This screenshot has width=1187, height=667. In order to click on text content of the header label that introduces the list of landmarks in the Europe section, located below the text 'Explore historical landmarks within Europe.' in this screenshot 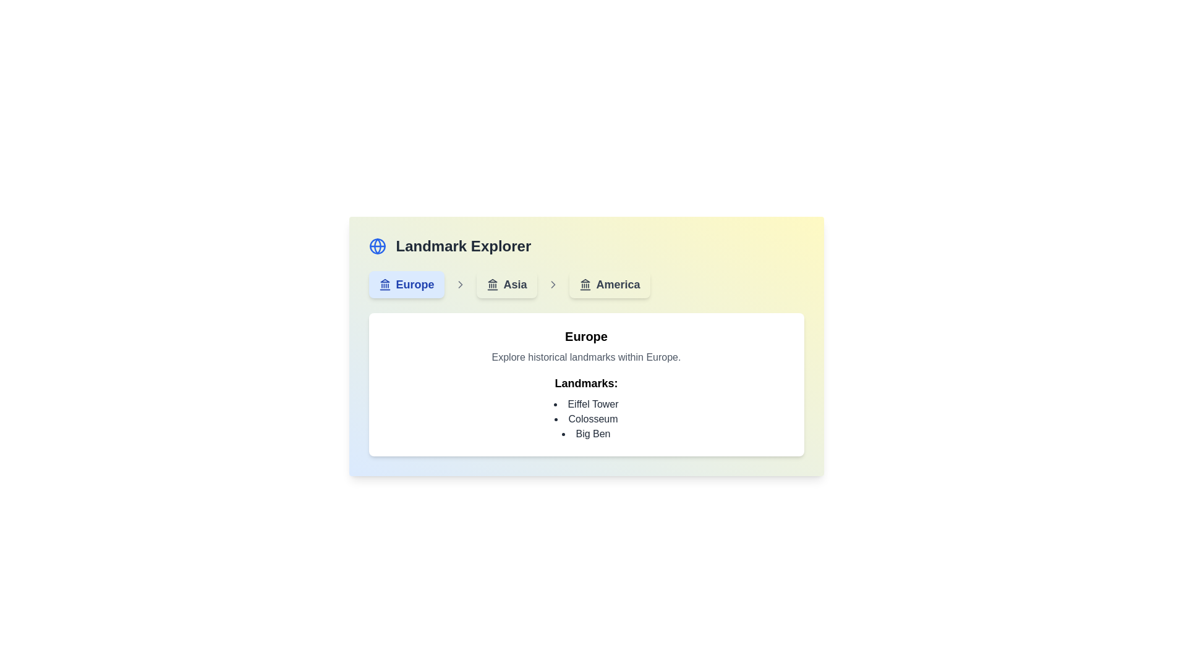, I will do `click(585, 383)`.